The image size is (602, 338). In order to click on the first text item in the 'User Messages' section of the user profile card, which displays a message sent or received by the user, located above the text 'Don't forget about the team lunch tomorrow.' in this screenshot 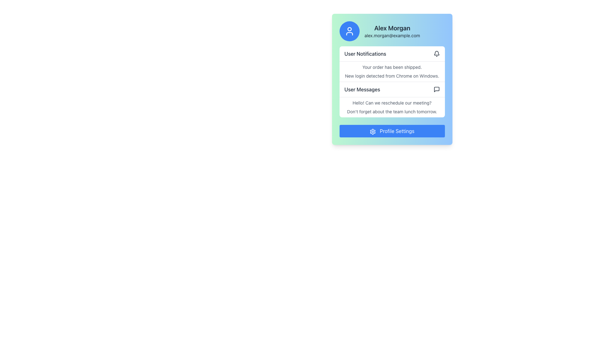, I will do `click(392, 102)`.